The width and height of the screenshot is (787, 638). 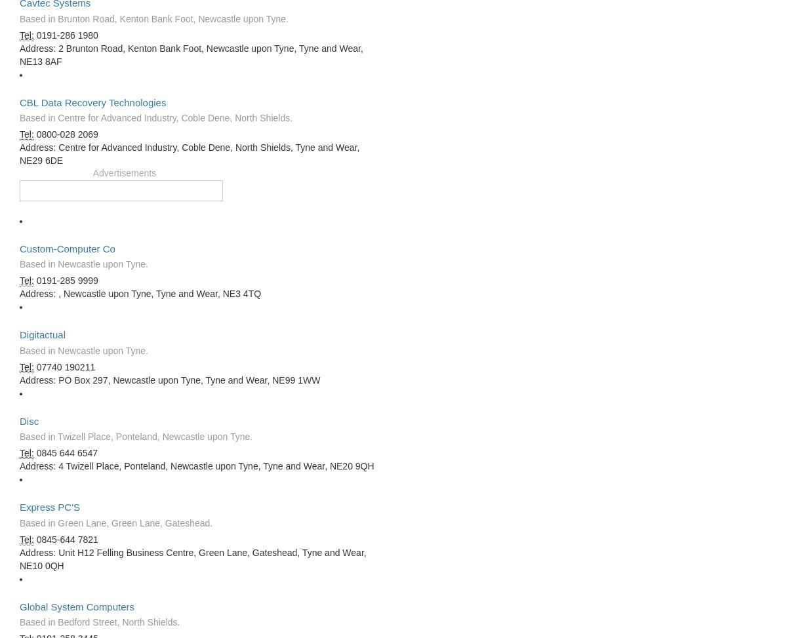 I want to click on '0845 644 6547', so click(x=65, y=452).